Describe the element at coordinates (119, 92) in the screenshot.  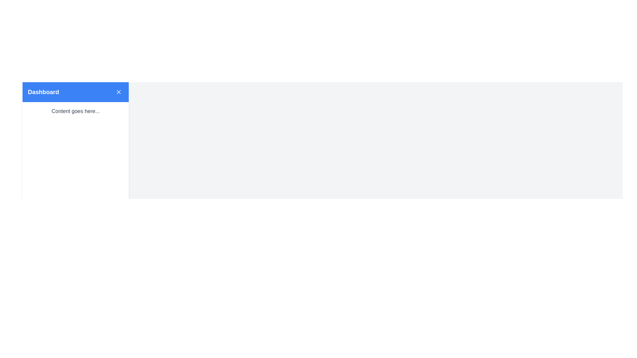
I see `the 'X' icon button on the blue header bar labeled 'Dashboard'` at that location.